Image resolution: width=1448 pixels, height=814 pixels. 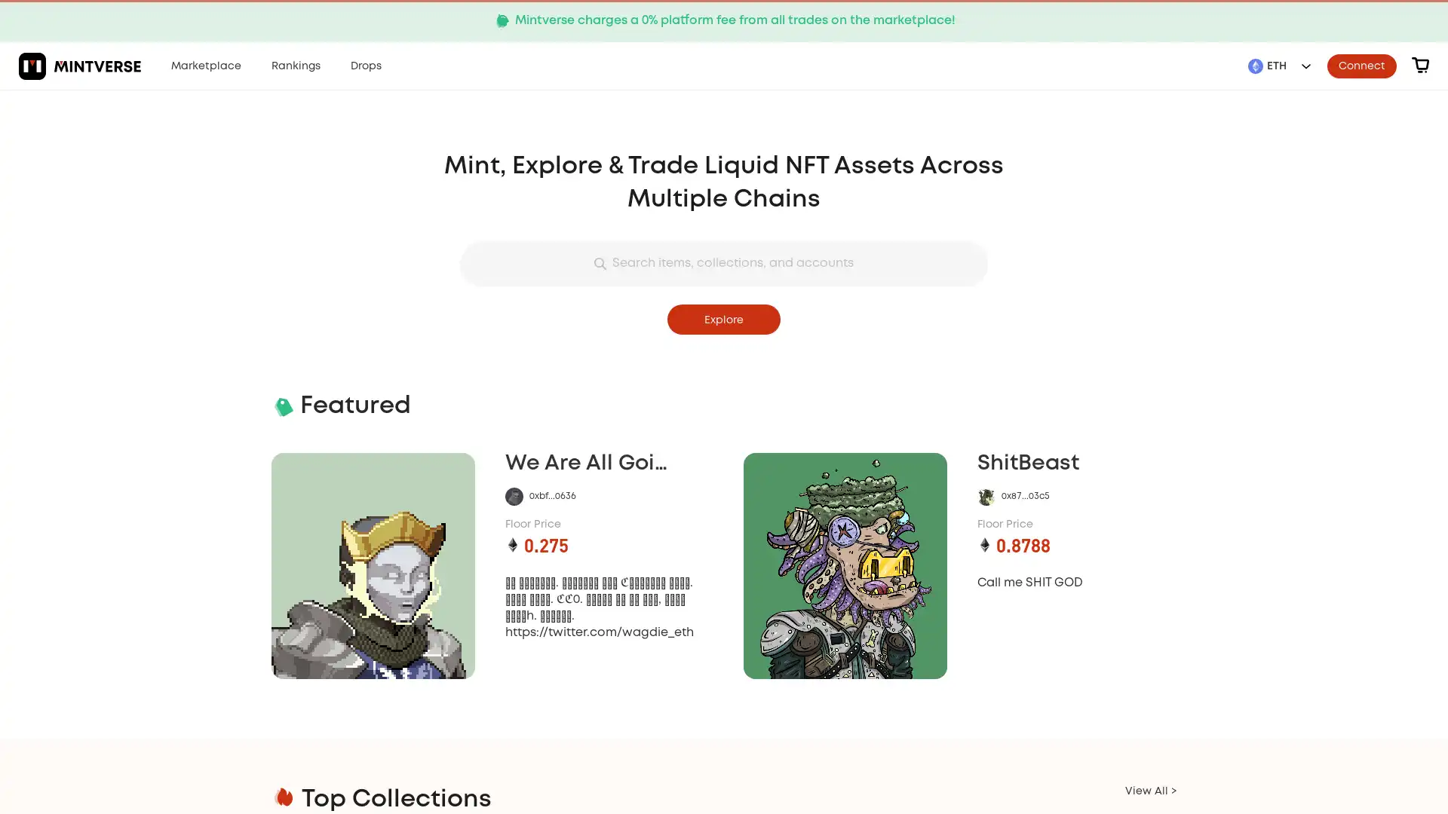 What do you see at coordinates (1361, 65) in the screenshot?
I see `Connect` at bounding box center [1361, 65].